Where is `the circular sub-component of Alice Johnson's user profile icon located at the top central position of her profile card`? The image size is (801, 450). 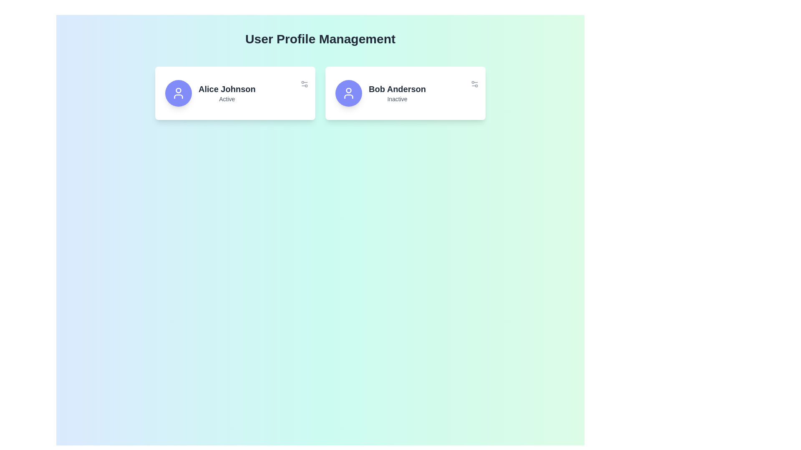 the circular sub-component of Alice Johnson's user profile icon located at the top central position of her profile card is located at coordinates (178, 90).